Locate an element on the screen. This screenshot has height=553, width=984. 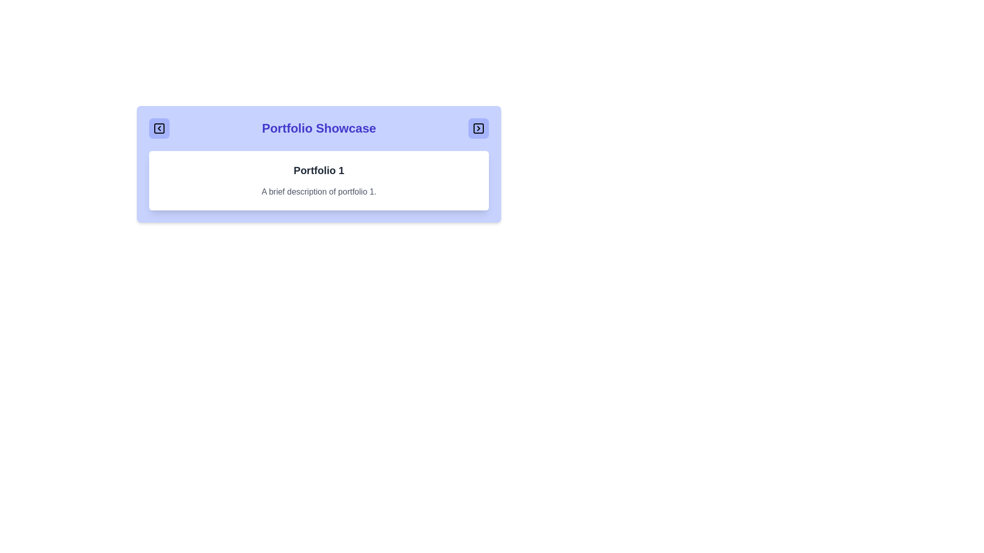
the left-facing chevron icon button with a light blue background and black outline in the top-left corner of the 'Portfolio Showcase' card is located at coordinates (159, 127).